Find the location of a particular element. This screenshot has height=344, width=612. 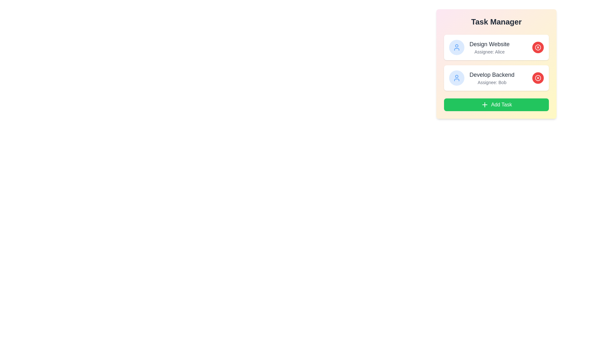

the Label/Text Block displaying 'Design Website' and 'Assignee: Alice' within the first task item of the task list is located at coordinates (489, 47).